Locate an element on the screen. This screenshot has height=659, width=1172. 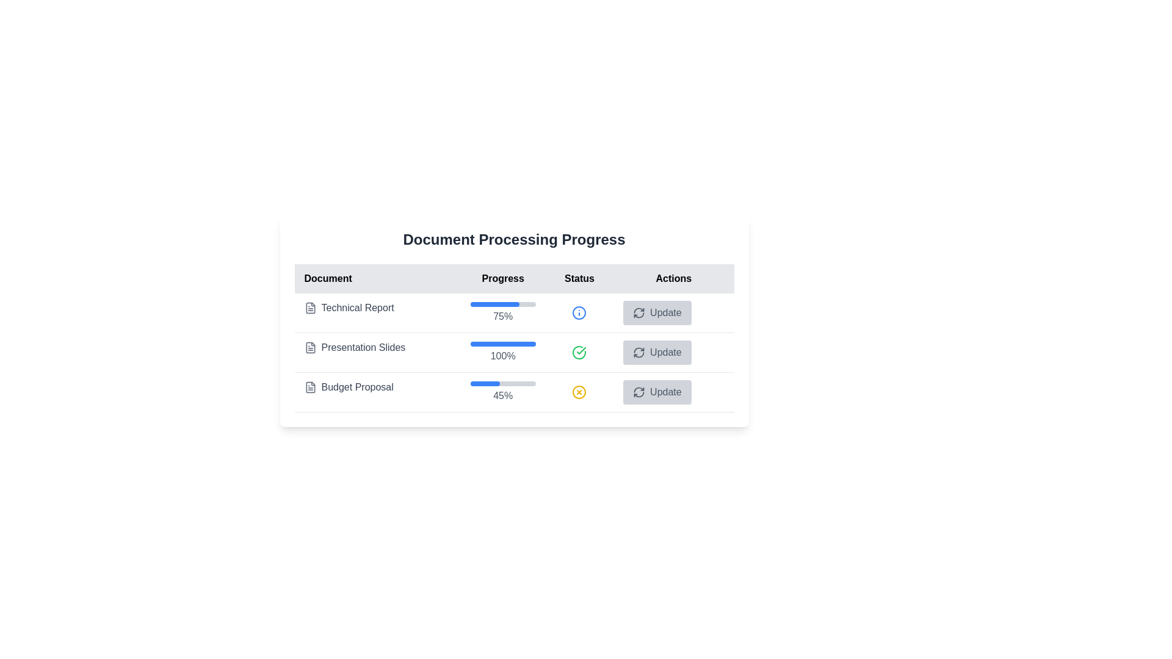
the 'Update' button with a refresh icon located in the 'Actions' column of the 'Document Processing Progress' table is located at coordinates (656, 312).